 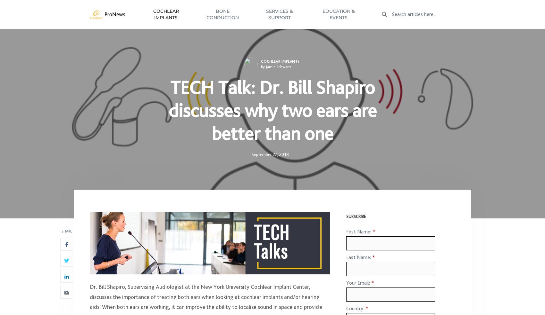 I want to click on 'Share', so click(x=66, y=234).